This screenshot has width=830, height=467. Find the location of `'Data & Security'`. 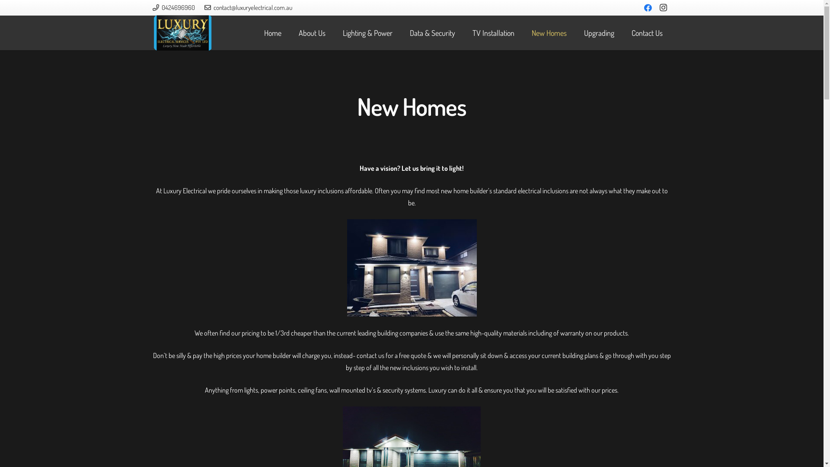

'Data & Security' is located at coordinates (432, 32).